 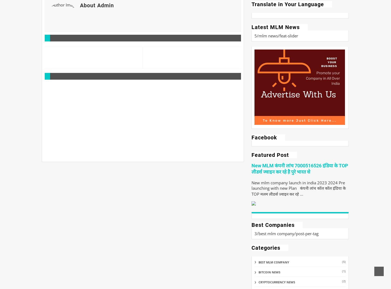 What do you see at coordinates (269, 272) in the screenshot?
I see `'bitcoin news'` at bounding box center [269, 272].